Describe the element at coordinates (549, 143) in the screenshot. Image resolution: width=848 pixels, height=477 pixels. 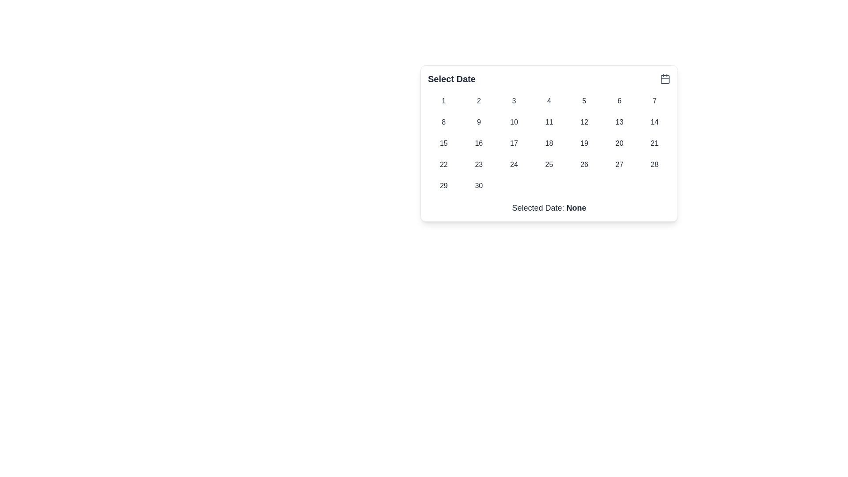
I see `the date button in the calendar grid` at that location.